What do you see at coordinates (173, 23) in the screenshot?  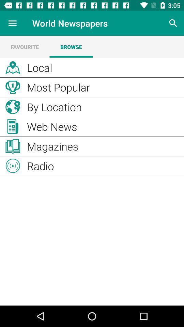 I see `the app to the right of world newspapers` at bounding box center [173, 23].